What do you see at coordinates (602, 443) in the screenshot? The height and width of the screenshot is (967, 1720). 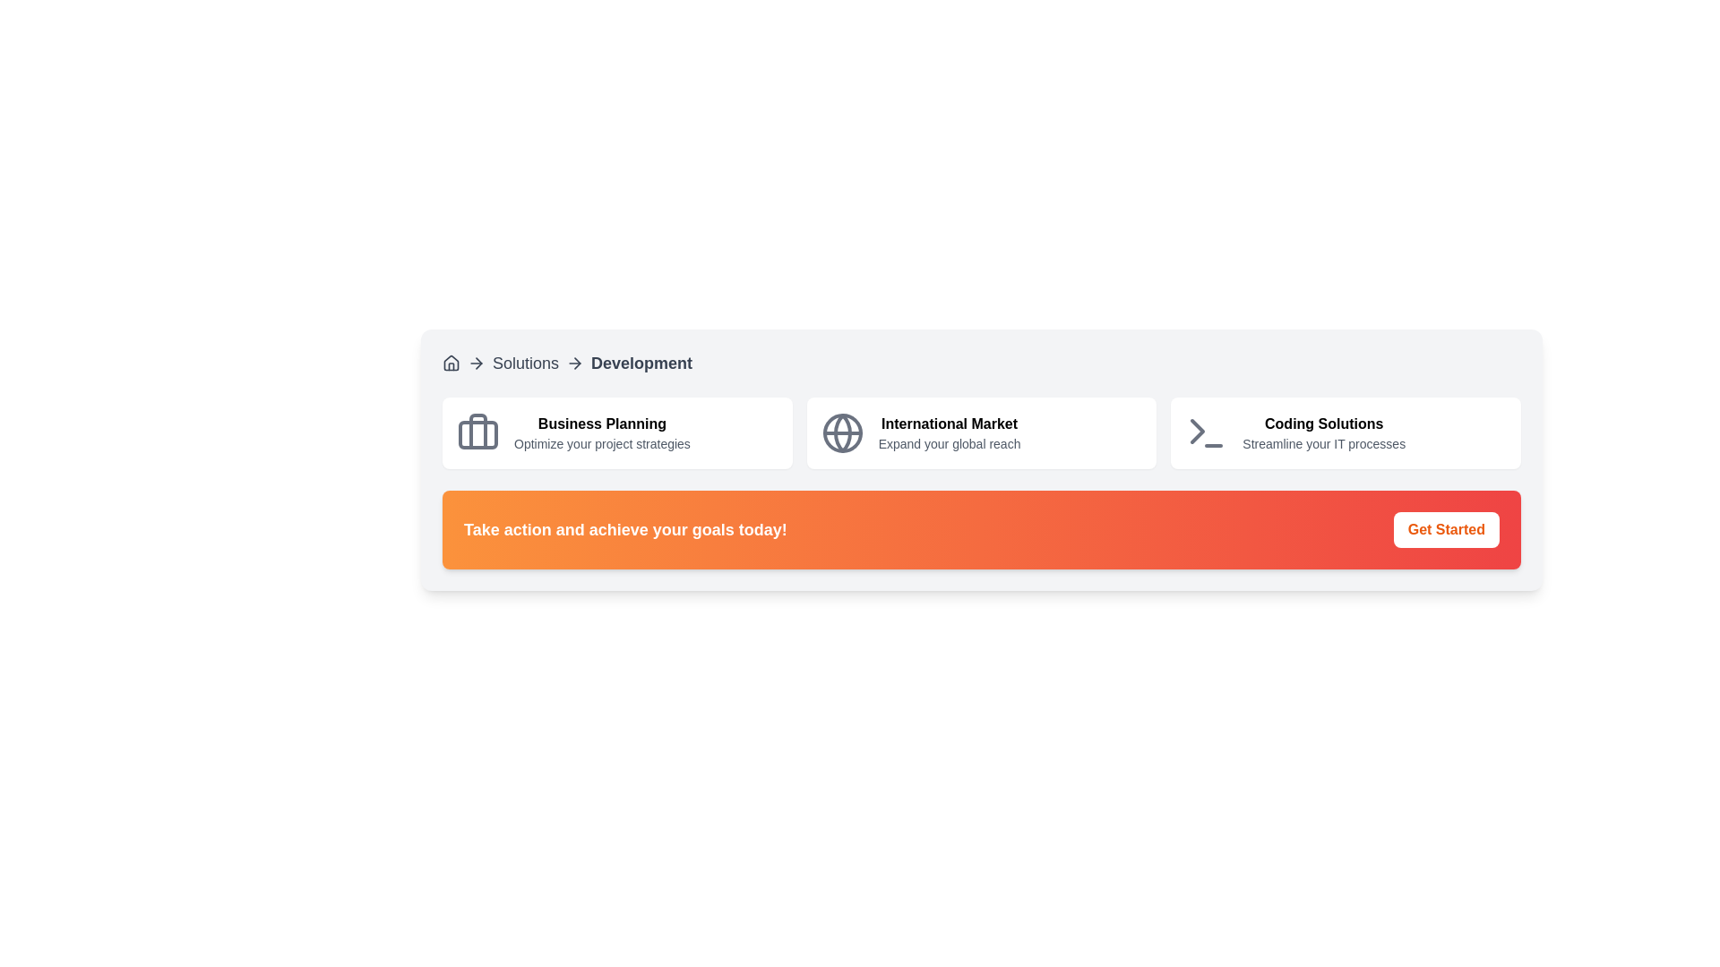 I see `the descriptive subtitle text block located beneath the 'Business Planning' section within the first card of a horizontally aligned layout` at bounding box center [602, 443].